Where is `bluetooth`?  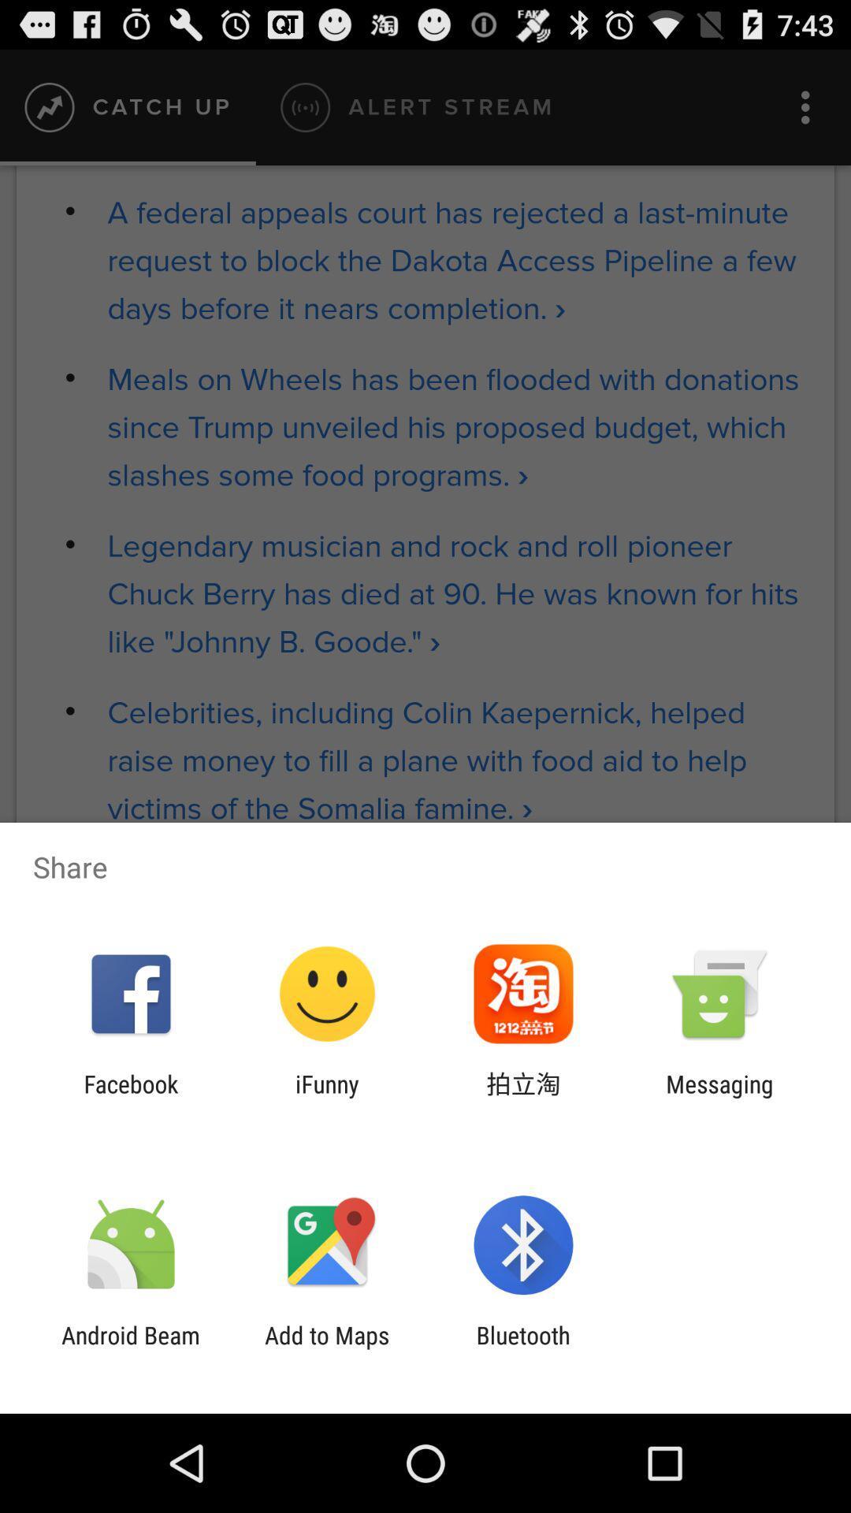 bluetooth is located at coordinates (523, 1348).